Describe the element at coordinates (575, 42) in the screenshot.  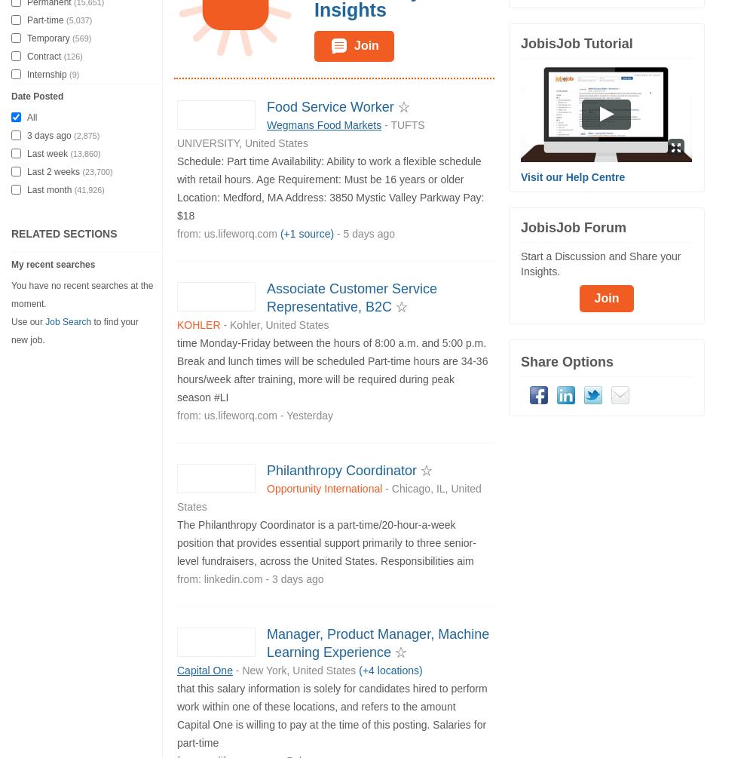
I see `'JobisJob Tutorial'` at that location.